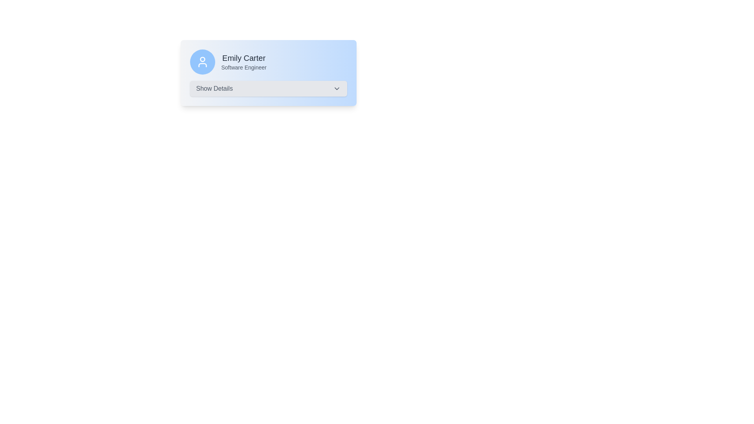  What do you see at coordinates (337, 88) in the screenshot?
I see `the small downward-pointing chevron icon located at the far right end of the 'Show Details' button` at bounding box center [337, 88].